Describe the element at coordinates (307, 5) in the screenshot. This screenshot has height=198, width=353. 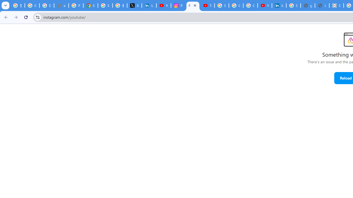
I see `'google_privacy_policy_en.pdf'` at that location.